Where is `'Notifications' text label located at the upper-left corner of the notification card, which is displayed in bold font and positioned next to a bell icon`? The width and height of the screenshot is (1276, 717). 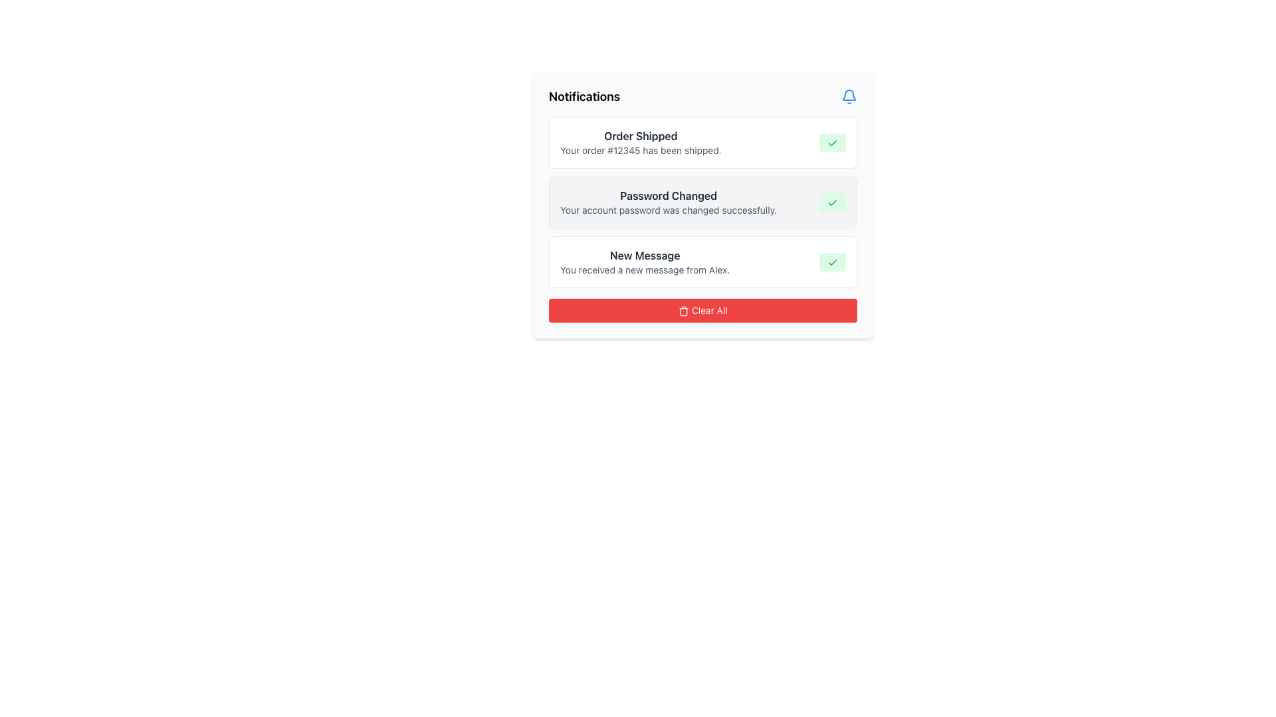
'Notifications' text label located at the upper-left corner of the notification card, which is displayed in bold font and positioned next to a bell icon is located at coordinates (584, 96).